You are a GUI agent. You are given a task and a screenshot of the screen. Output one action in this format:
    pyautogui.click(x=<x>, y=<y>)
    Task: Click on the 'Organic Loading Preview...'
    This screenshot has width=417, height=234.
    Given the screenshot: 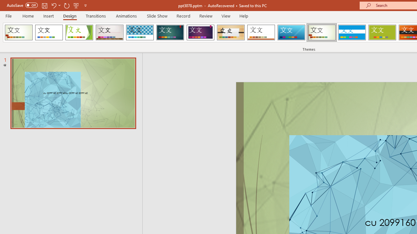 What is the action you would take?
    pyautogui.click(x=231, y=32)
    